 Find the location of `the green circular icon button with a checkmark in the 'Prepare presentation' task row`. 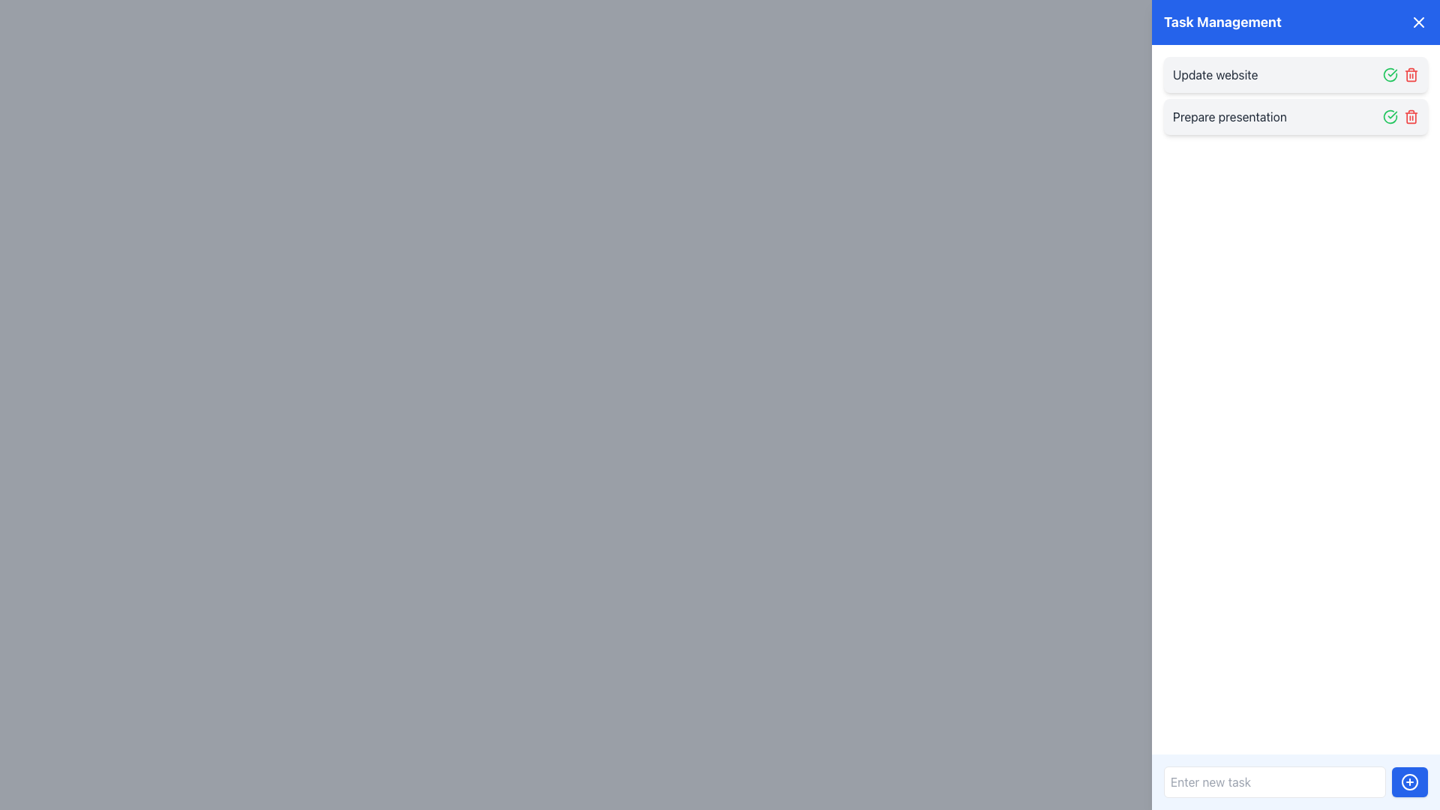

the green circular icon button with a checkmark in the 'Prepare presentation' task row is located at coordinates (1389, 115).